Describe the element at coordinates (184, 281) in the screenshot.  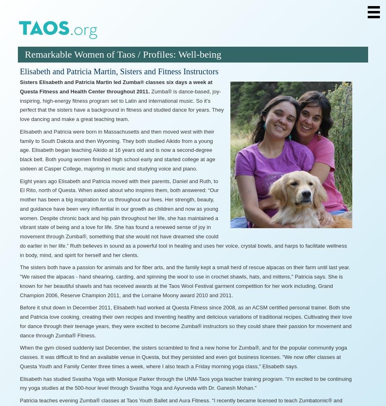
I see `'The sisters both have a passion for animals and for fiber arts, and the family kept a small herd of rescue alpacas on their farm until last year. "We raised the alpacas - hand shearing, carding, and spinning the wool to use in crochet shawls, hats, and mittens," Patricia says. She is known for her beautiful shawls and has received awards at the Taos Wool Festival garment competition for her work including, Grand Champion 2006, Reserve Champion 2011, and the Lorraine Moony award 2010 and 2011.'` at that location.